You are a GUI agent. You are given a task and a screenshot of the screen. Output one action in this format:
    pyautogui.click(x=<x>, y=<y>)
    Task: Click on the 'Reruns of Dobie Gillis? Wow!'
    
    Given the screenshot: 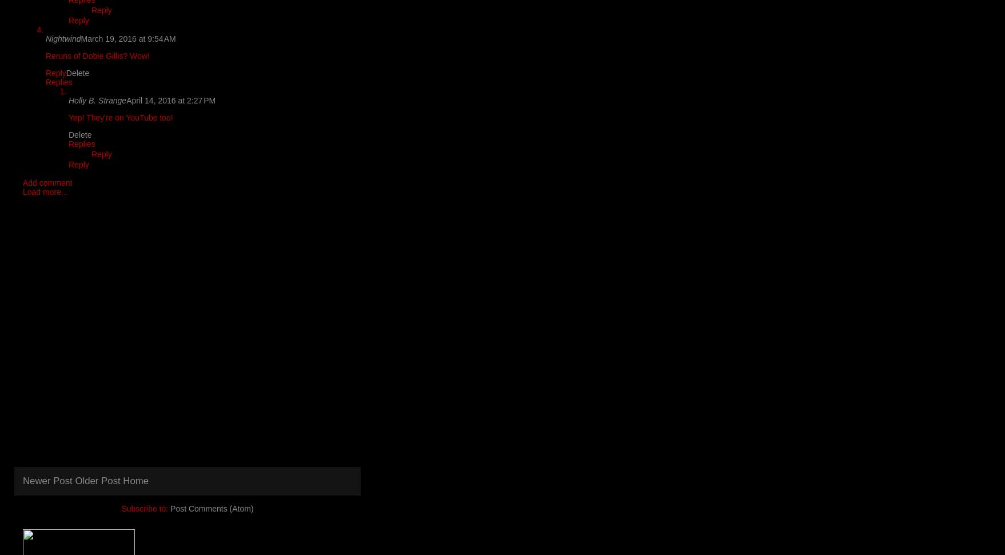 What is the action you would take?
    pyautogui.click(x=97, y=55)
    